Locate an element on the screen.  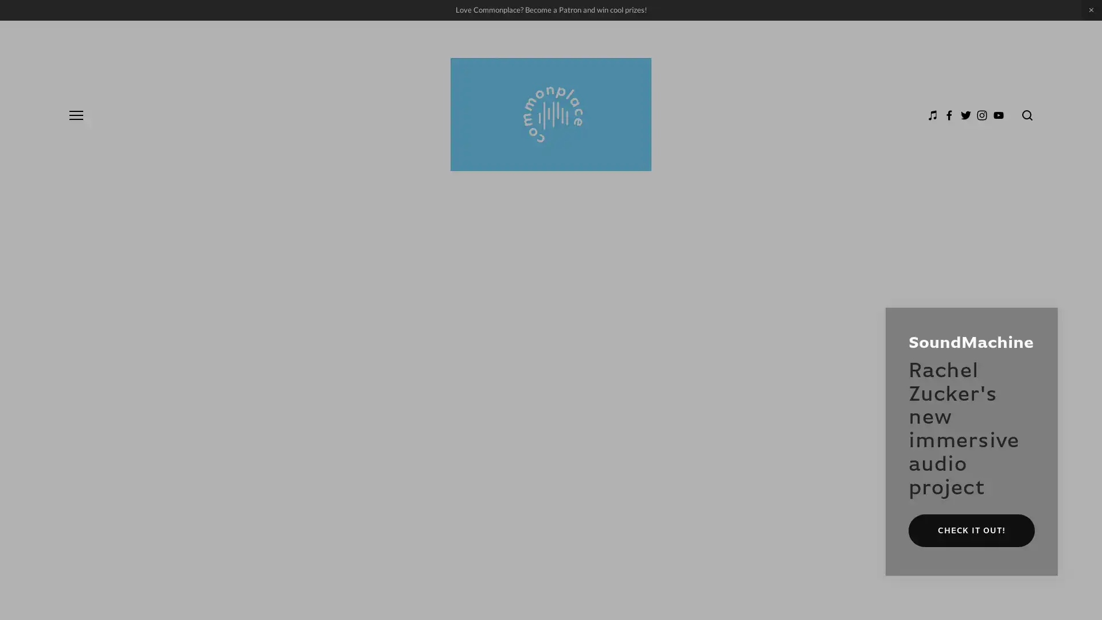
Close is located at coordinates (1044, 321).